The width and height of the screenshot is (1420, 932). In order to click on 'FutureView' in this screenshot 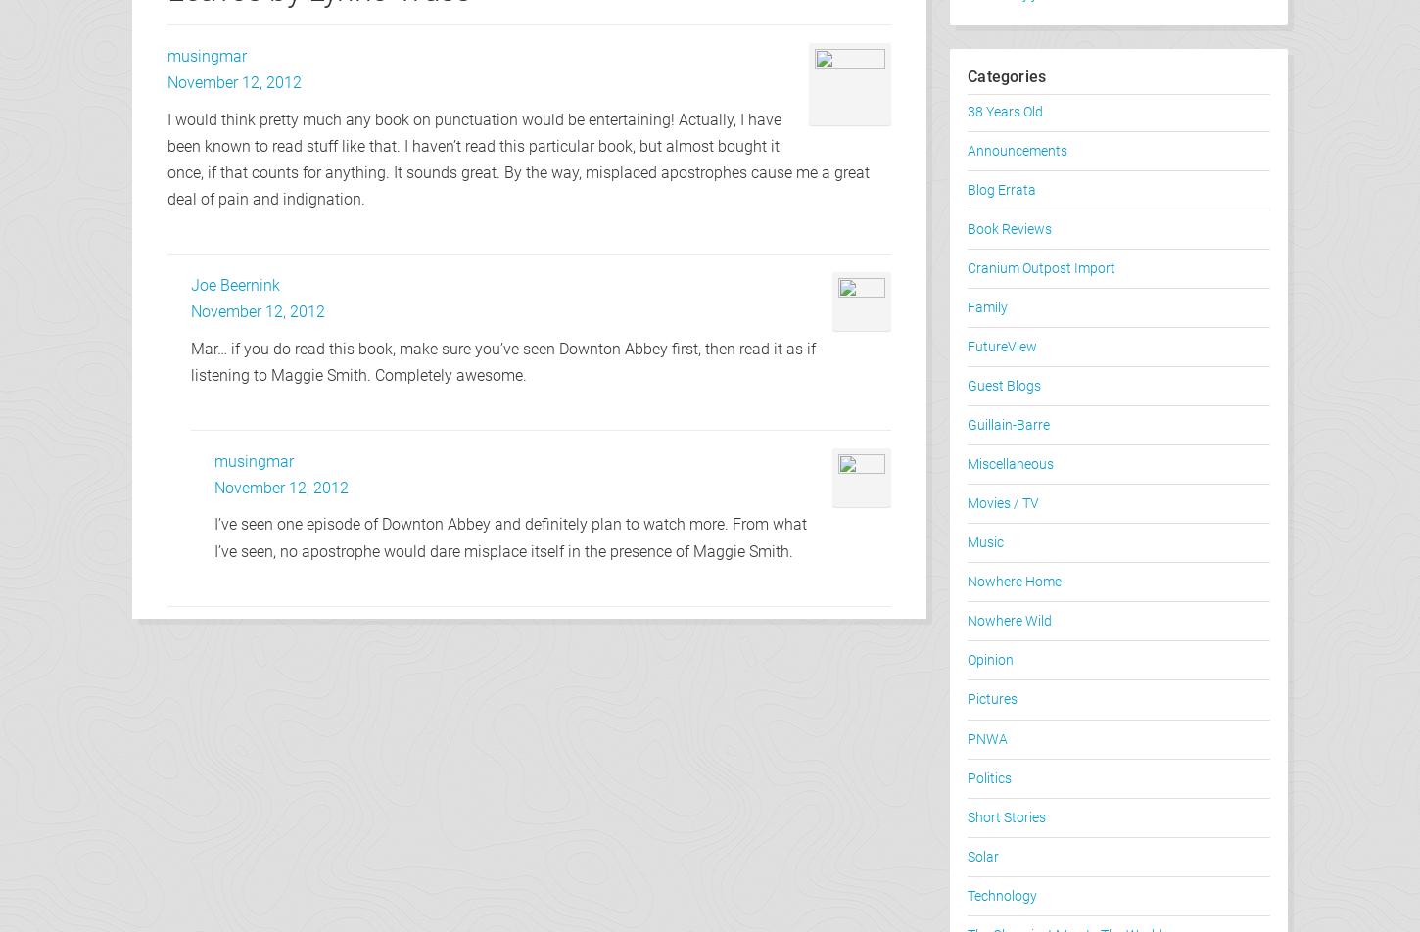, I will do `click(1002, 347)`.